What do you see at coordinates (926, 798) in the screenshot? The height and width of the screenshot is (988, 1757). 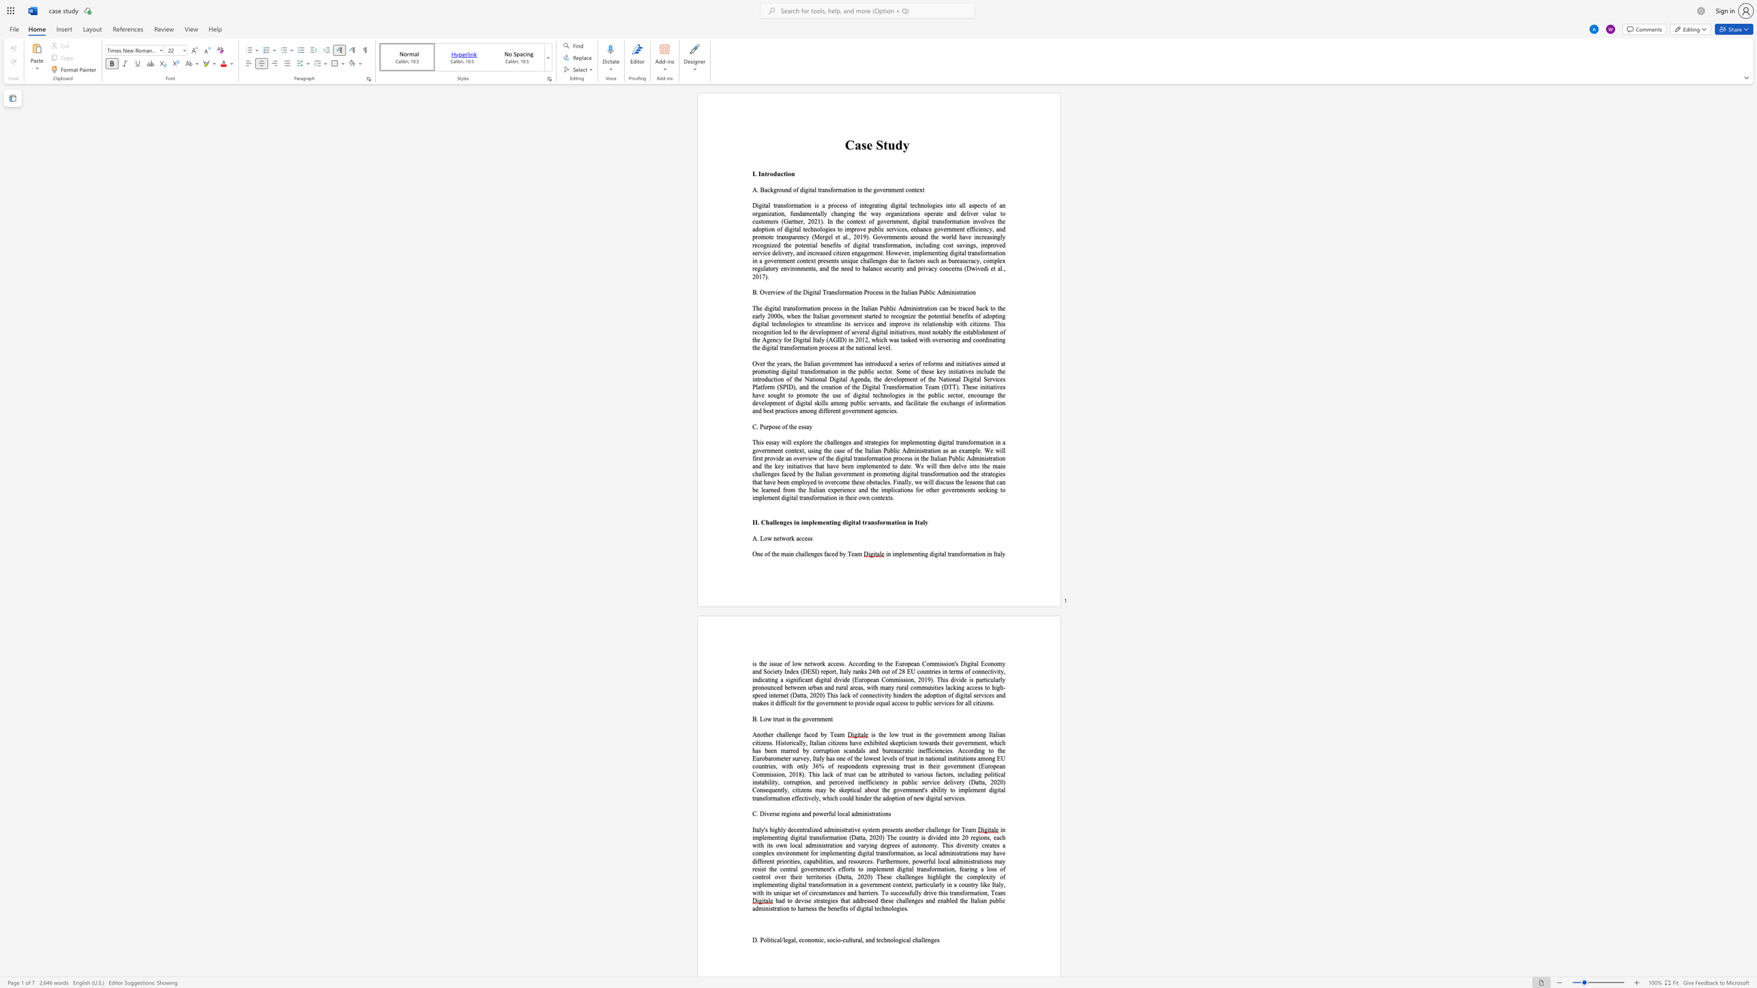 I see `the subset text "digital servi" within the text ", including political instability, corruption, and perceived inefficiency in public service delivery (Datta, 2020) Consequently, citizens may be skeptical about the government"` at bounding box center [926, 798].